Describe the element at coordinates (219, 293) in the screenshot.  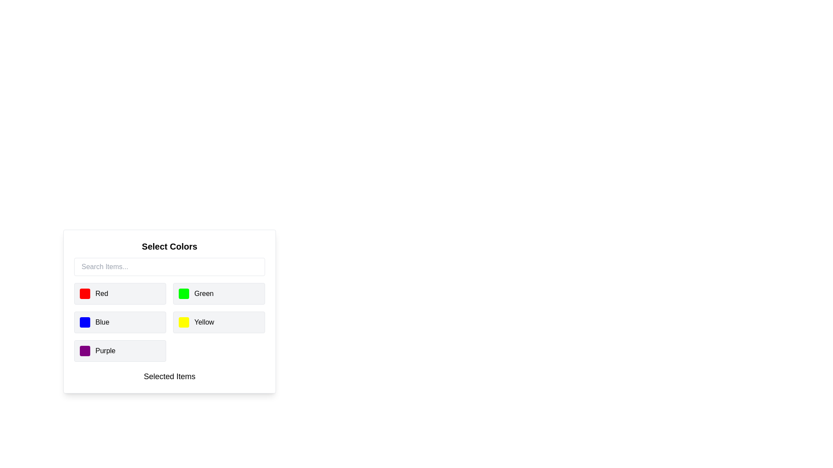
I see `the 'Green' color selection button in the color choice menu` at that location.